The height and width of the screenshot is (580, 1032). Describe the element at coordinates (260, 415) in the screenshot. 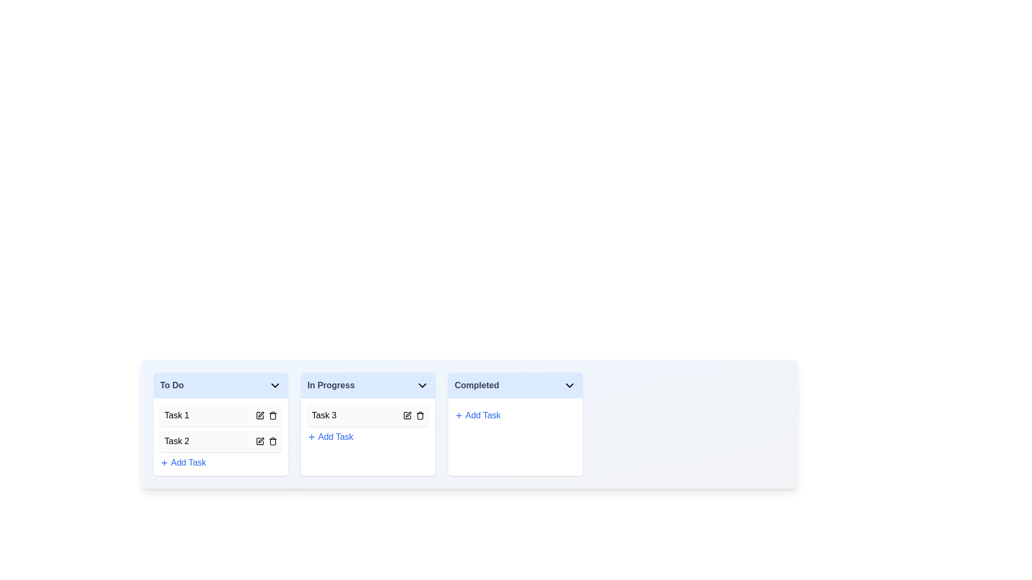

I see `the edit button for the task with title Task 1` at that location.